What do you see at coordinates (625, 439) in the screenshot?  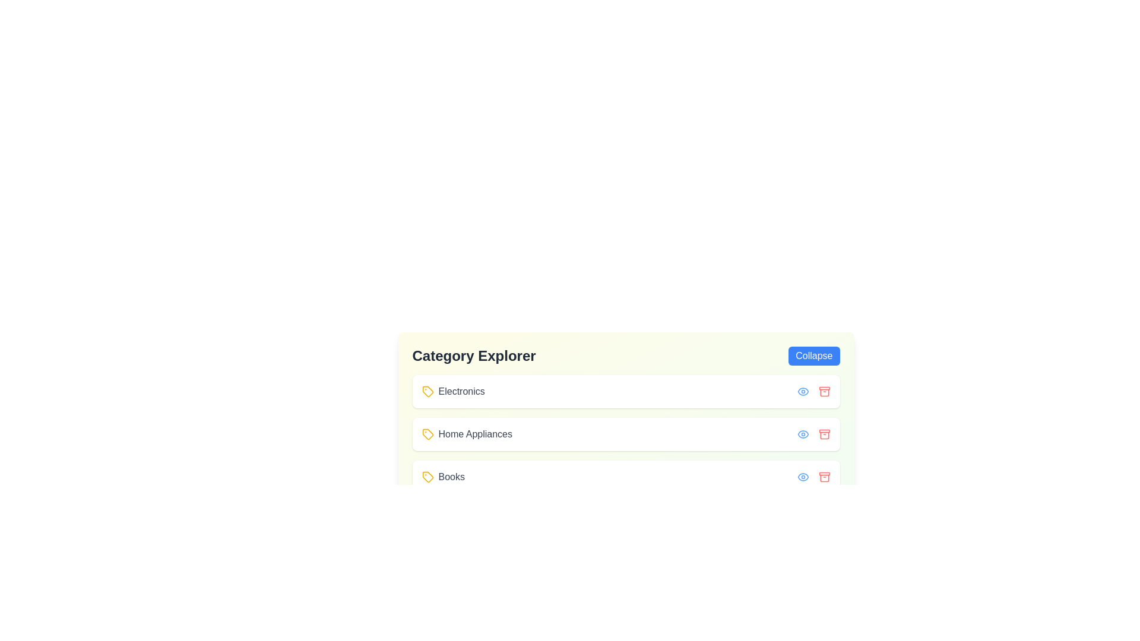 I see `the 'Home Appliances' category card, which is the second card in the 'Category Explorer' section, located below 'Electronics' and above 'Books'` at bounding box center [625, 439].